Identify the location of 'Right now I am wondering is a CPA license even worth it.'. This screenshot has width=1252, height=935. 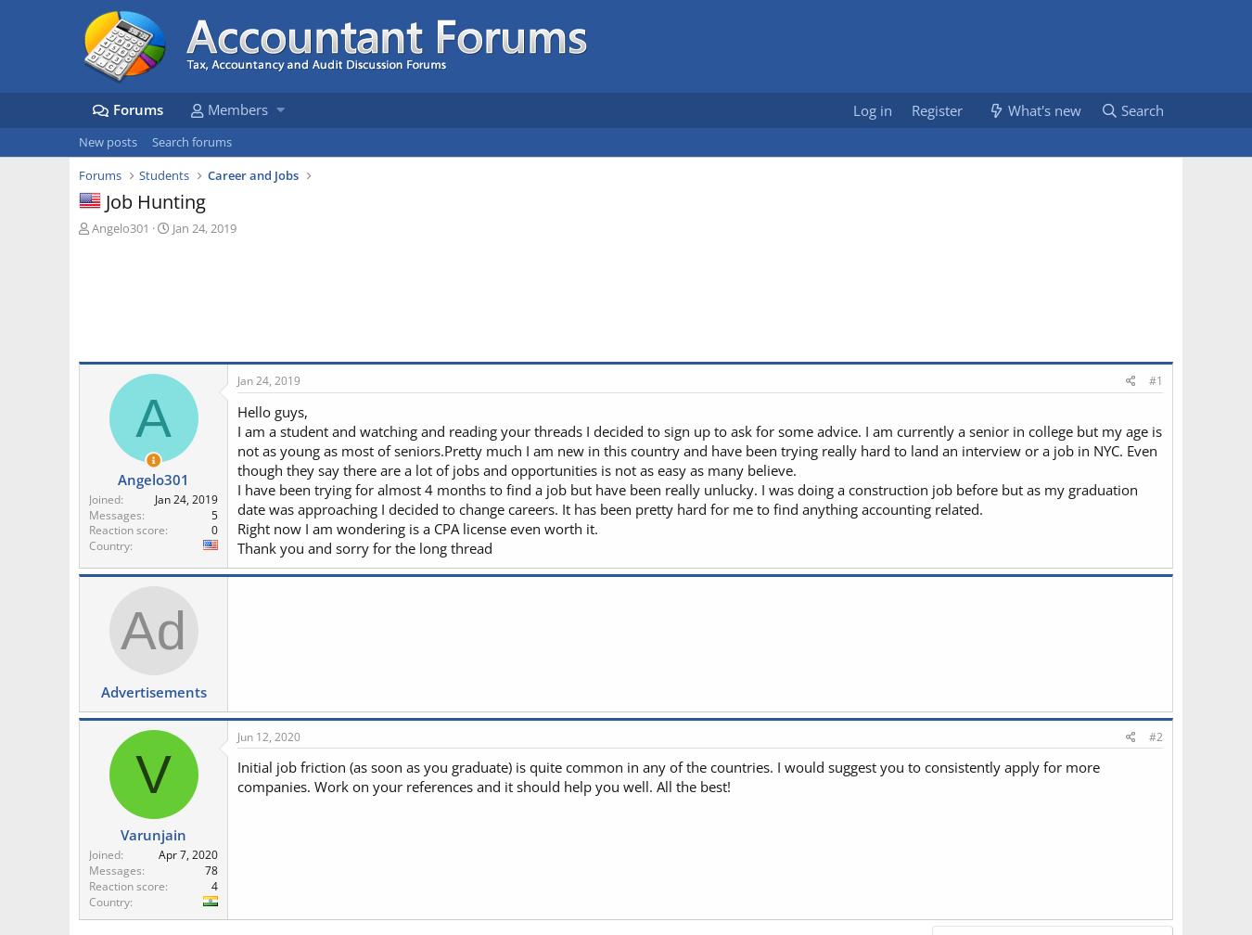
(236, 529).